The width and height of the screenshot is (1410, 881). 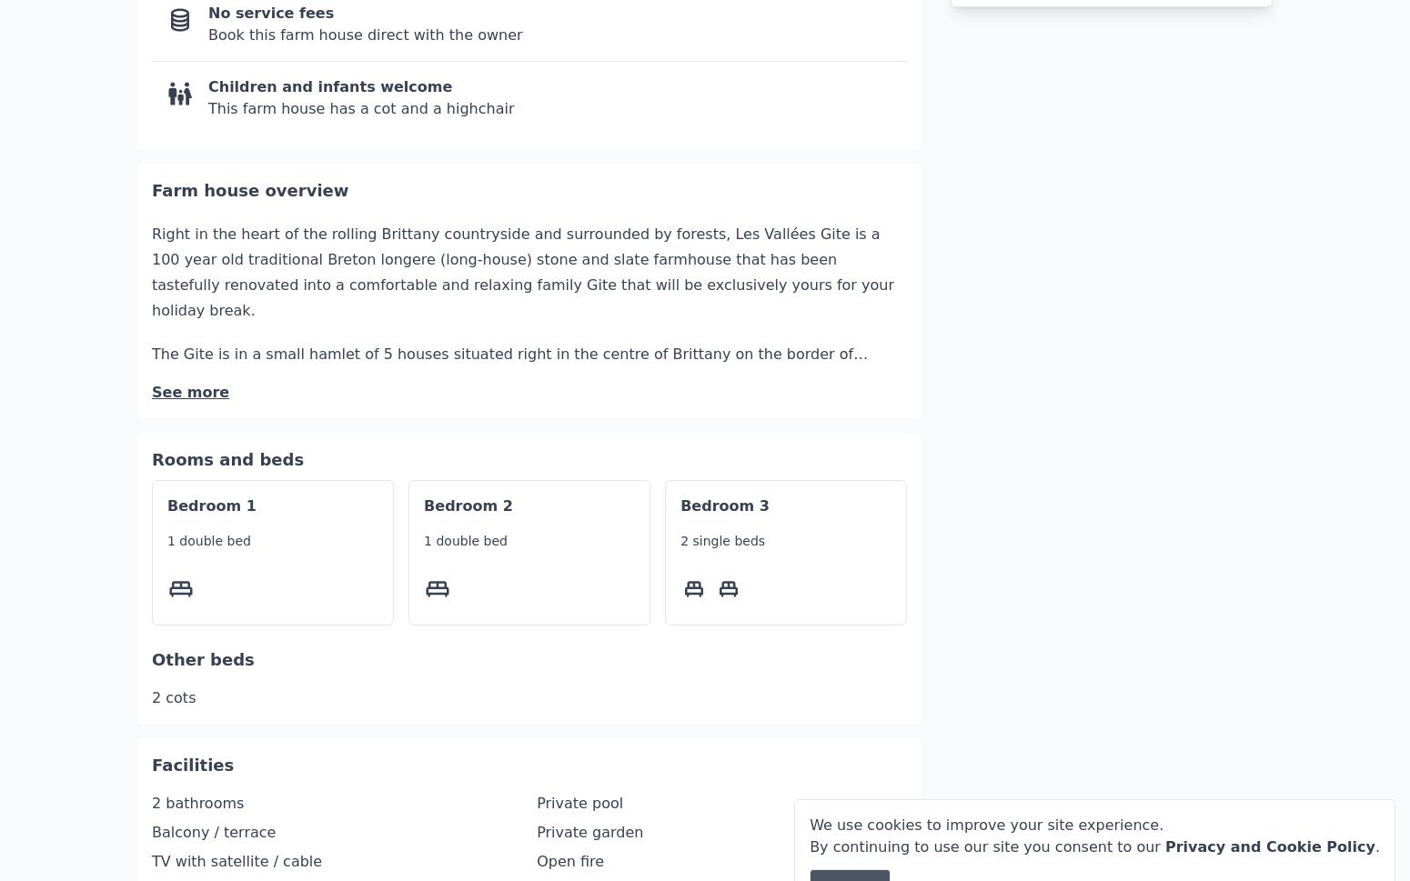 I want to click on 'For further travel details and maps, please contact us via ClickStay.', so click(x=397, y=648).